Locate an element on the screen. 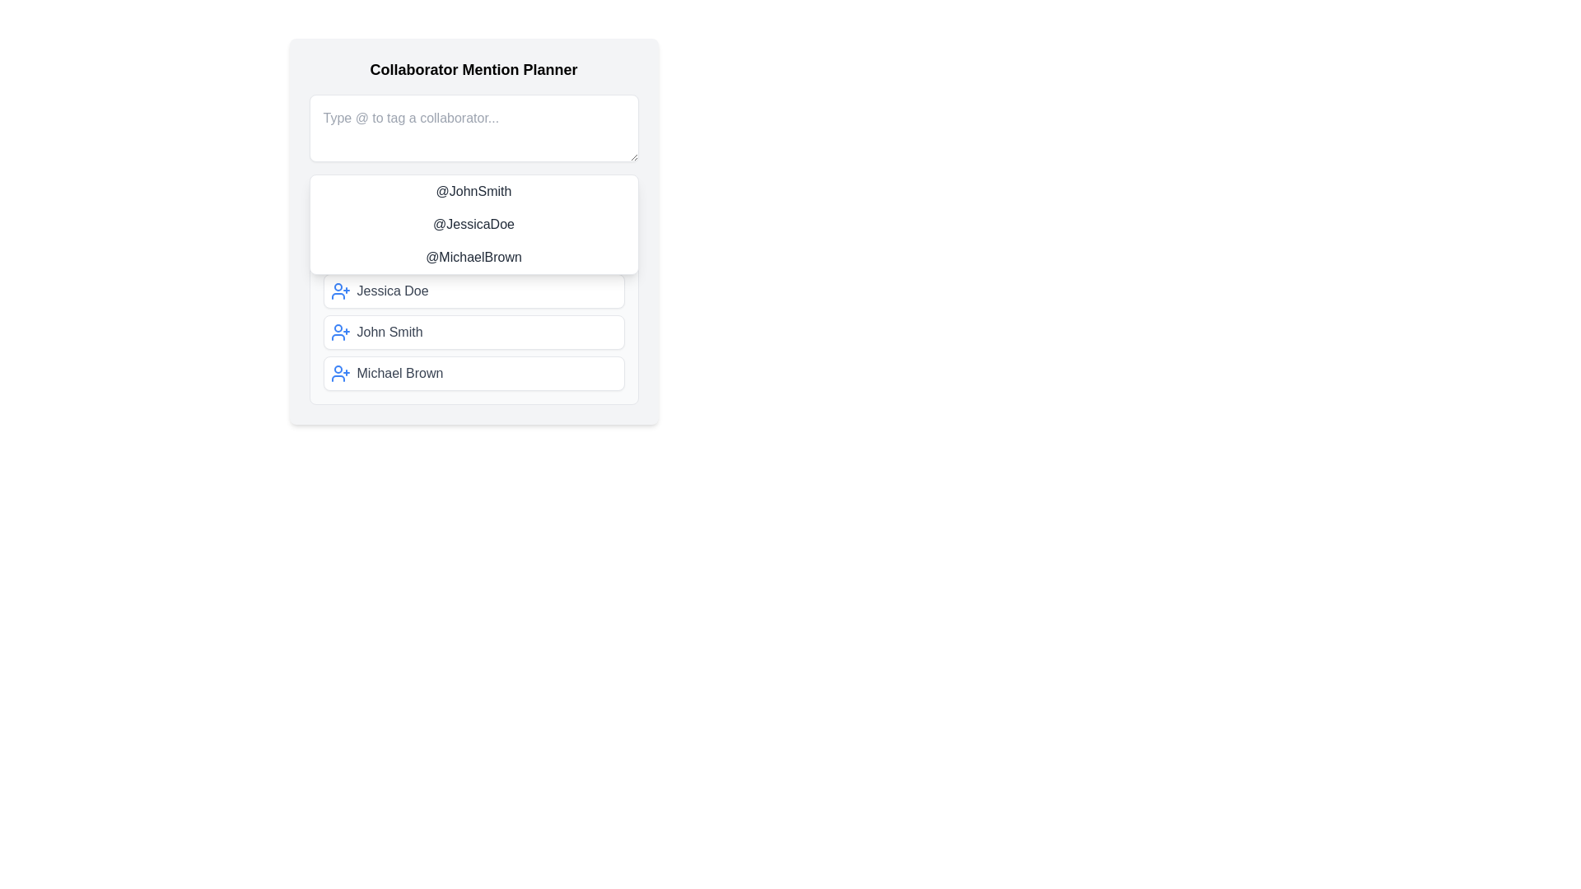 The height and width of the screenshot is (889, 1581). the list item representing the user 'John Smith' under the title 'Collaborator Mention Planner' is located at coordinates (473, 333).